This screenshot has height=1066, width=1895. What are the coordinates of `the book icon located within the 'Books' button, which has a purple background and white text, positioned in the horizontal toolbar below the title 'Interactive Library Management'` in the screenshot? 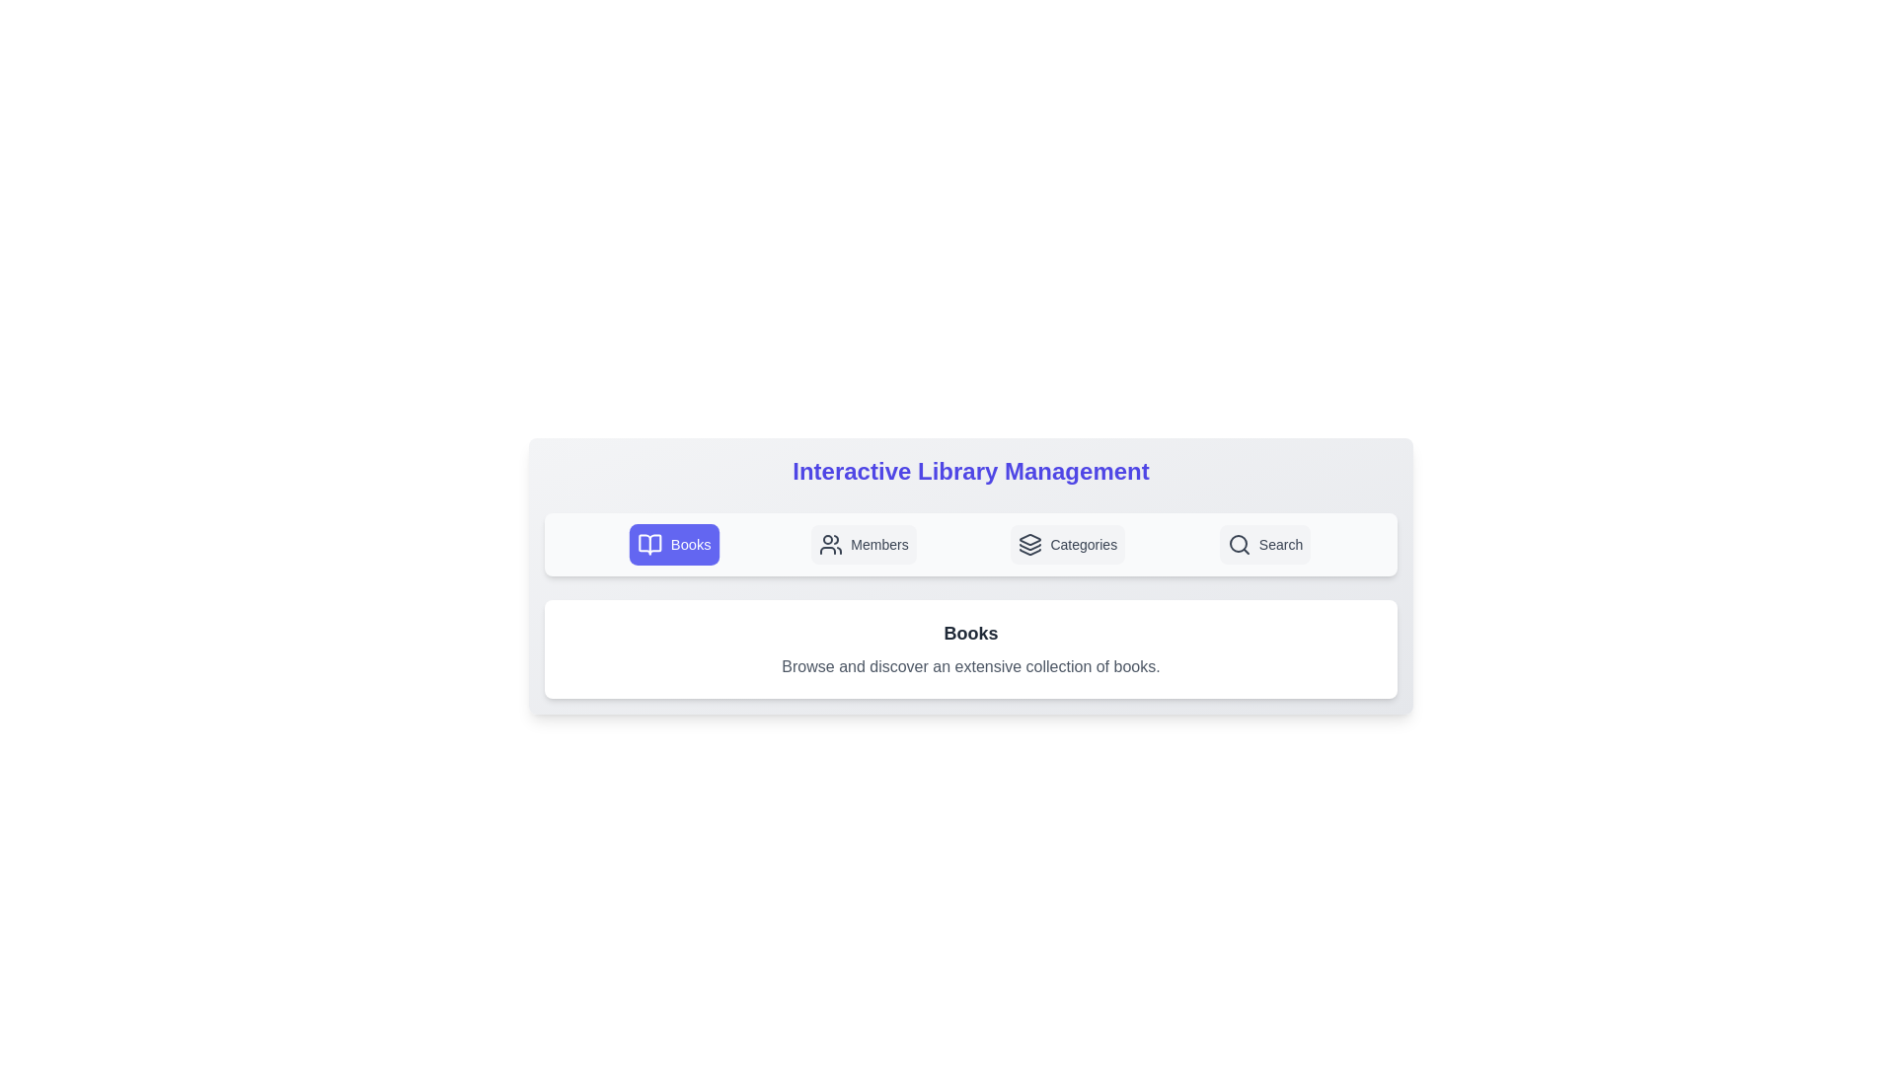 It's located at (649, 544).